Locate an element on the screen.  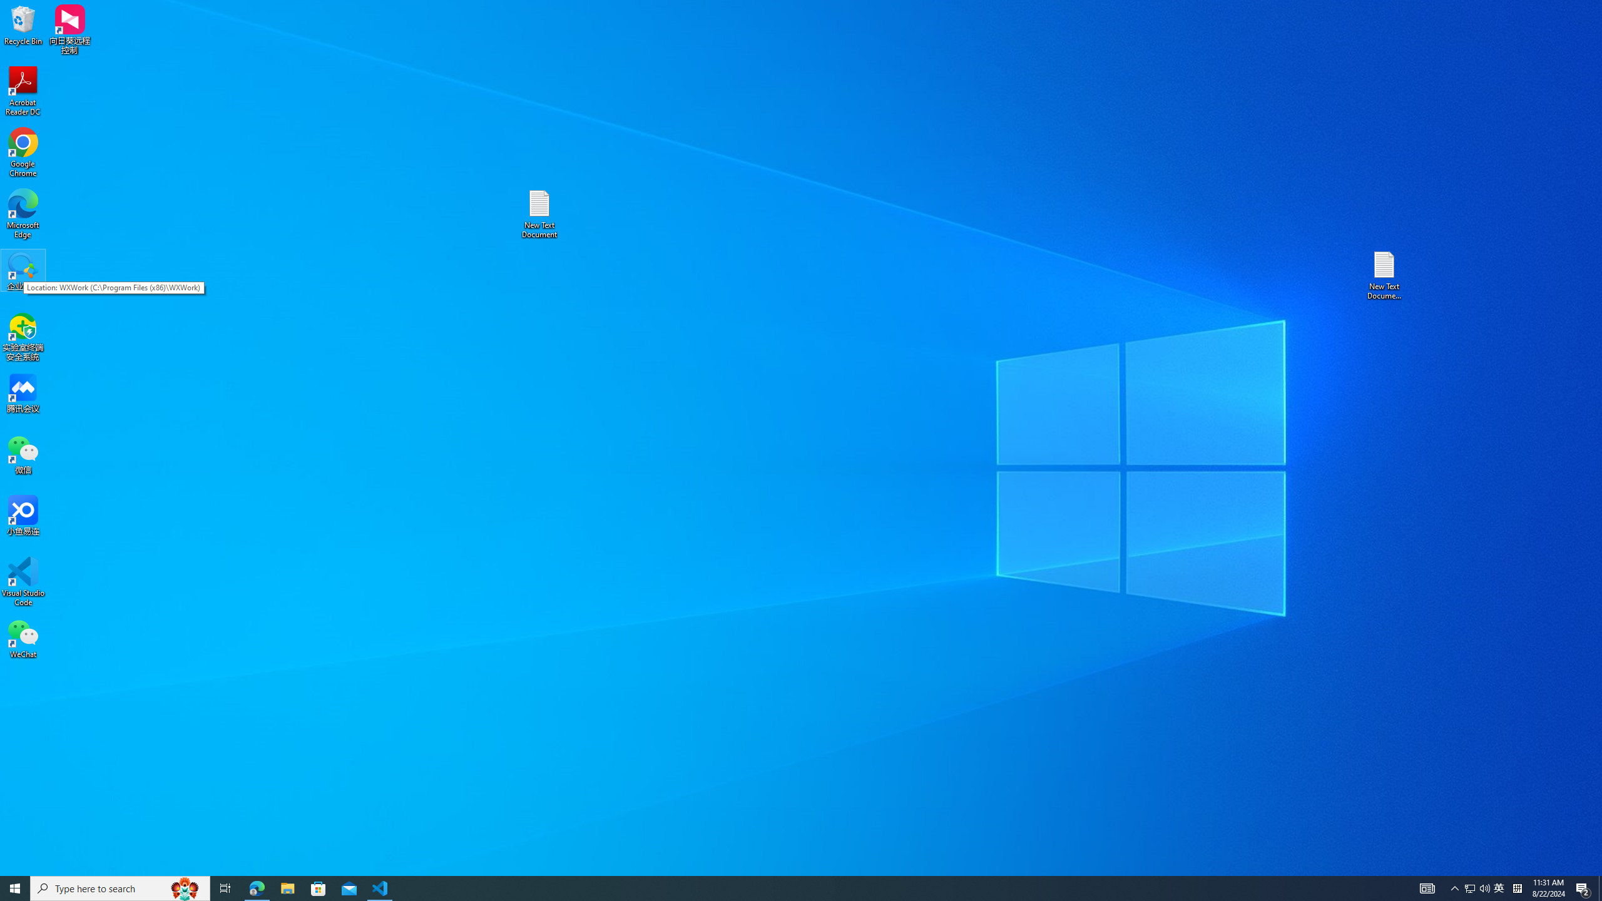
'New Text Document' is located at coordinates (538, 213).